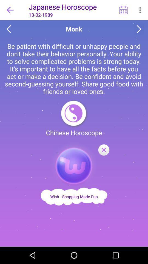 The width and height of the screenshot is (148, 264). I want to click on go back, so click(8, 29).